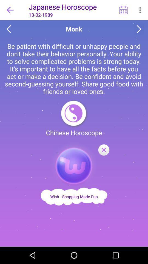 The width and height of the screenshot is (148, 264). I want to click on go back, so click(8, 29).